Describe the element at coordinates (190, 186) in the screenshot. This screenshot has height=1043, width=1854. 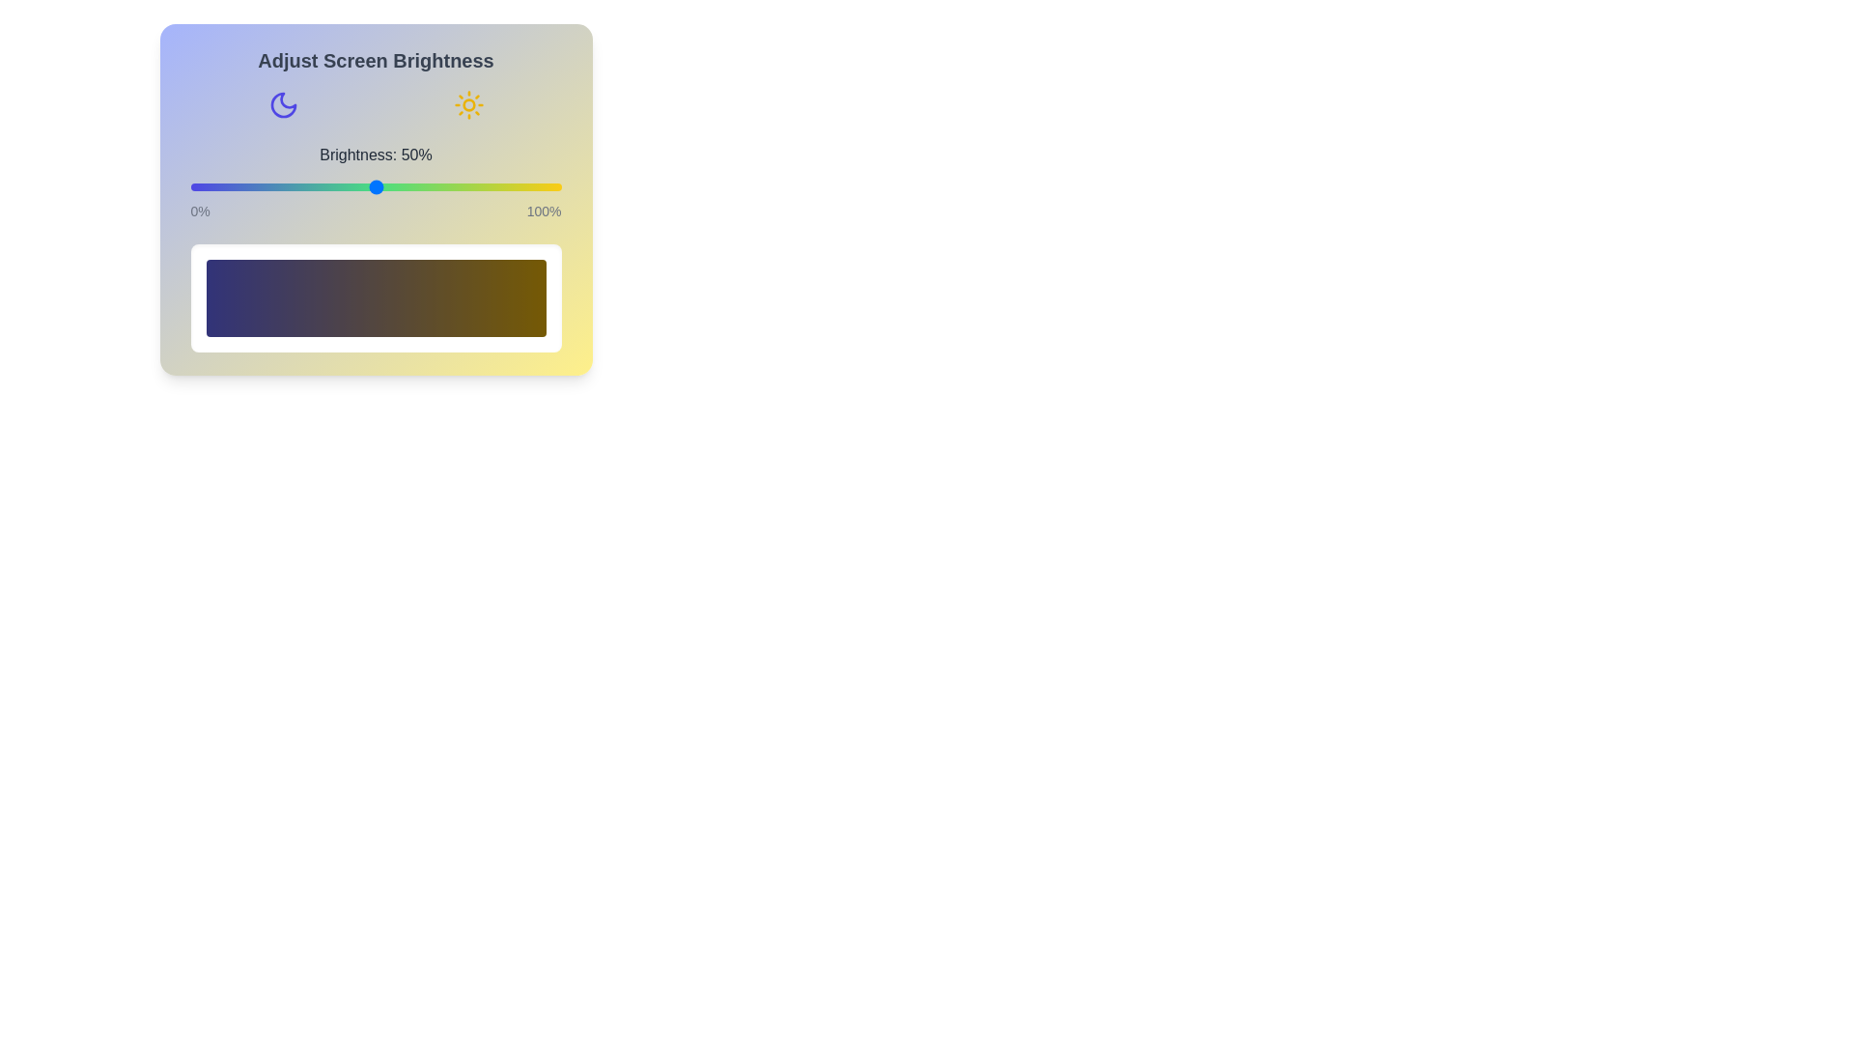
I see `the brightness slider to 0%` at that location.